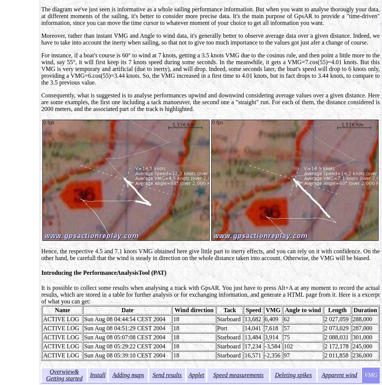  Describe the element at coordinates (252, 319) in the screenshot. I see `'13,682'` at that location.